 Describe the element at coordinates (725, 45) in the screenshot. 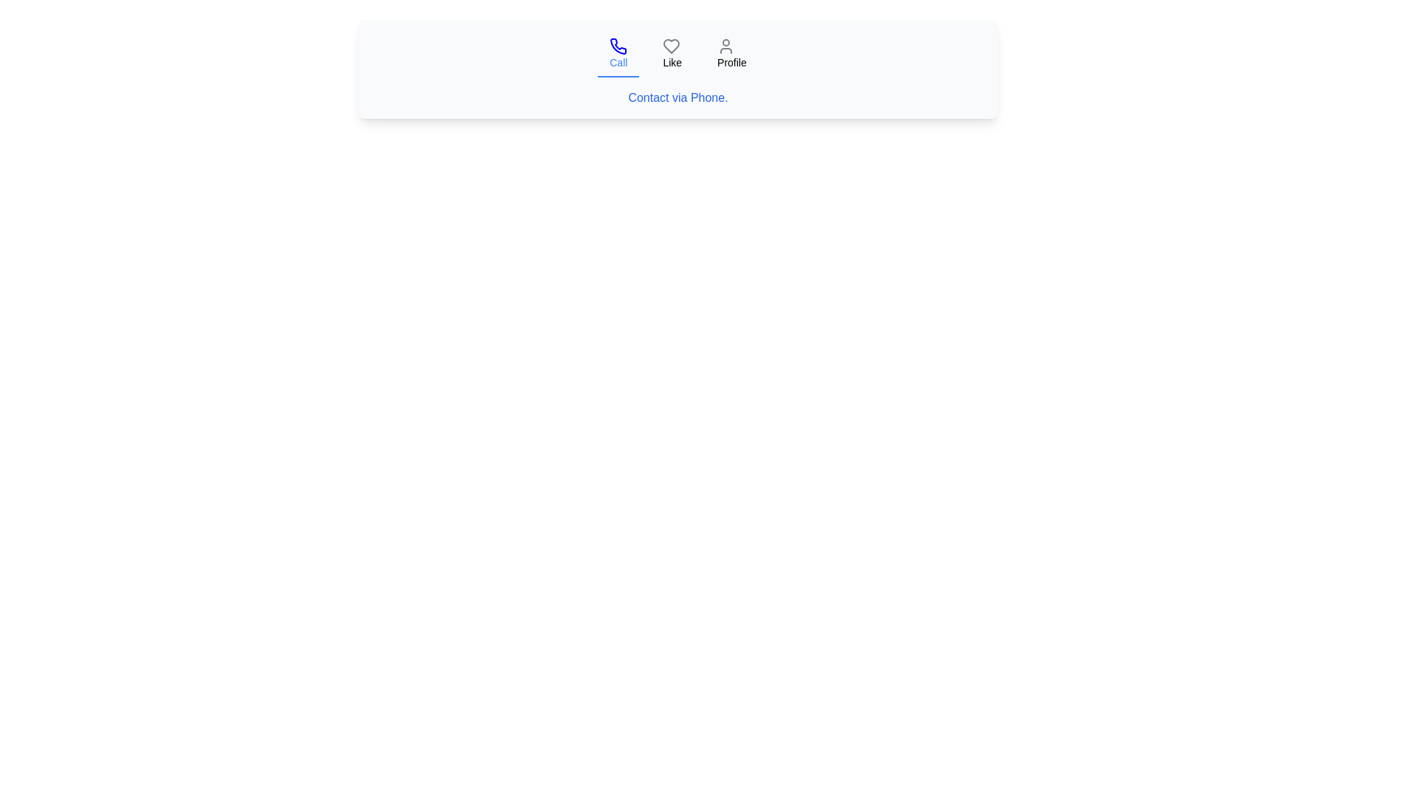

I see `the user profile icon, which is a gray outlined circular head and body figure located in the top-right of the navigation bar above the 'Profile' label` at that location.